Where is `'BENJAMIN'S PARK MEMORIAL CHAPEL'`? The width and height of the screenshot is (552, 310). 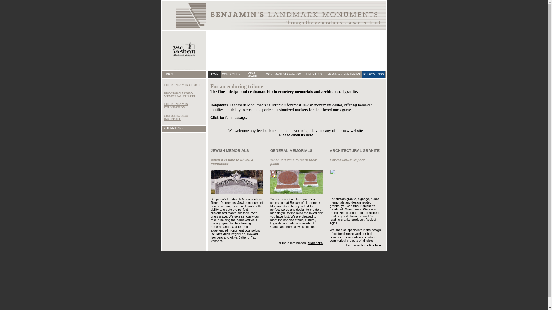
'BENJAMIN'S PARK MEMORIAL CHAPEL' is located at coordinates (179, 94).